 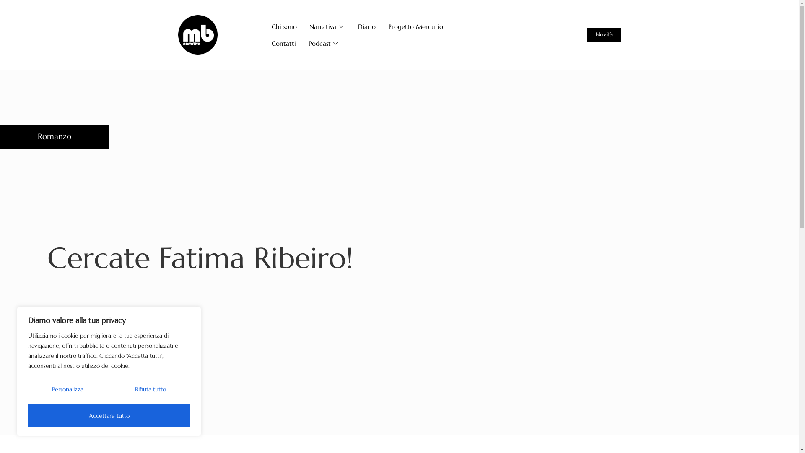 What do you see at coordinates (284, 26) in the screenshot?
I see `'Chi sono'` at bounding box center [284, 26].